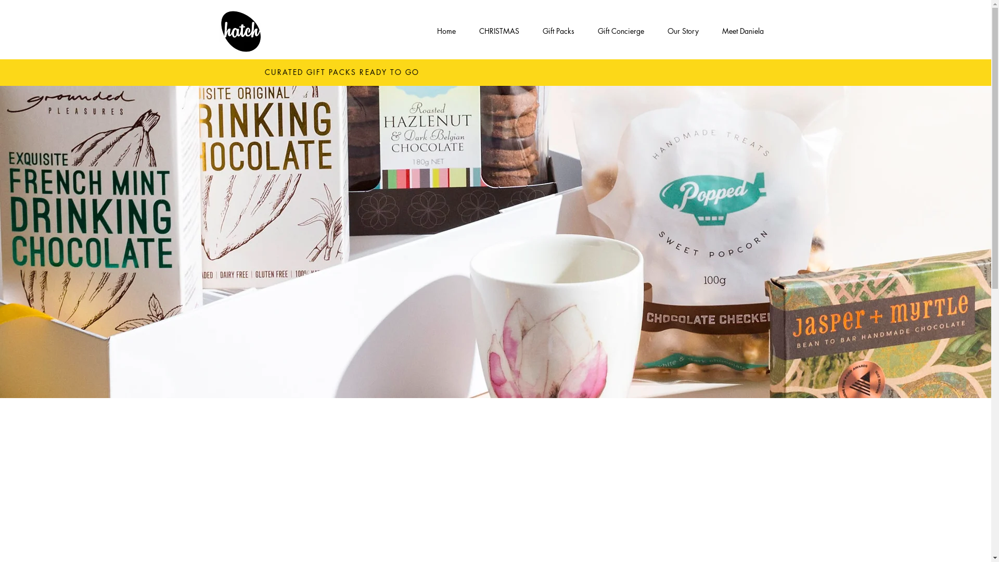  Describe the element at coordinates (466, 31) in the screenshot. I see `'CHRISTMAS'` at that location.